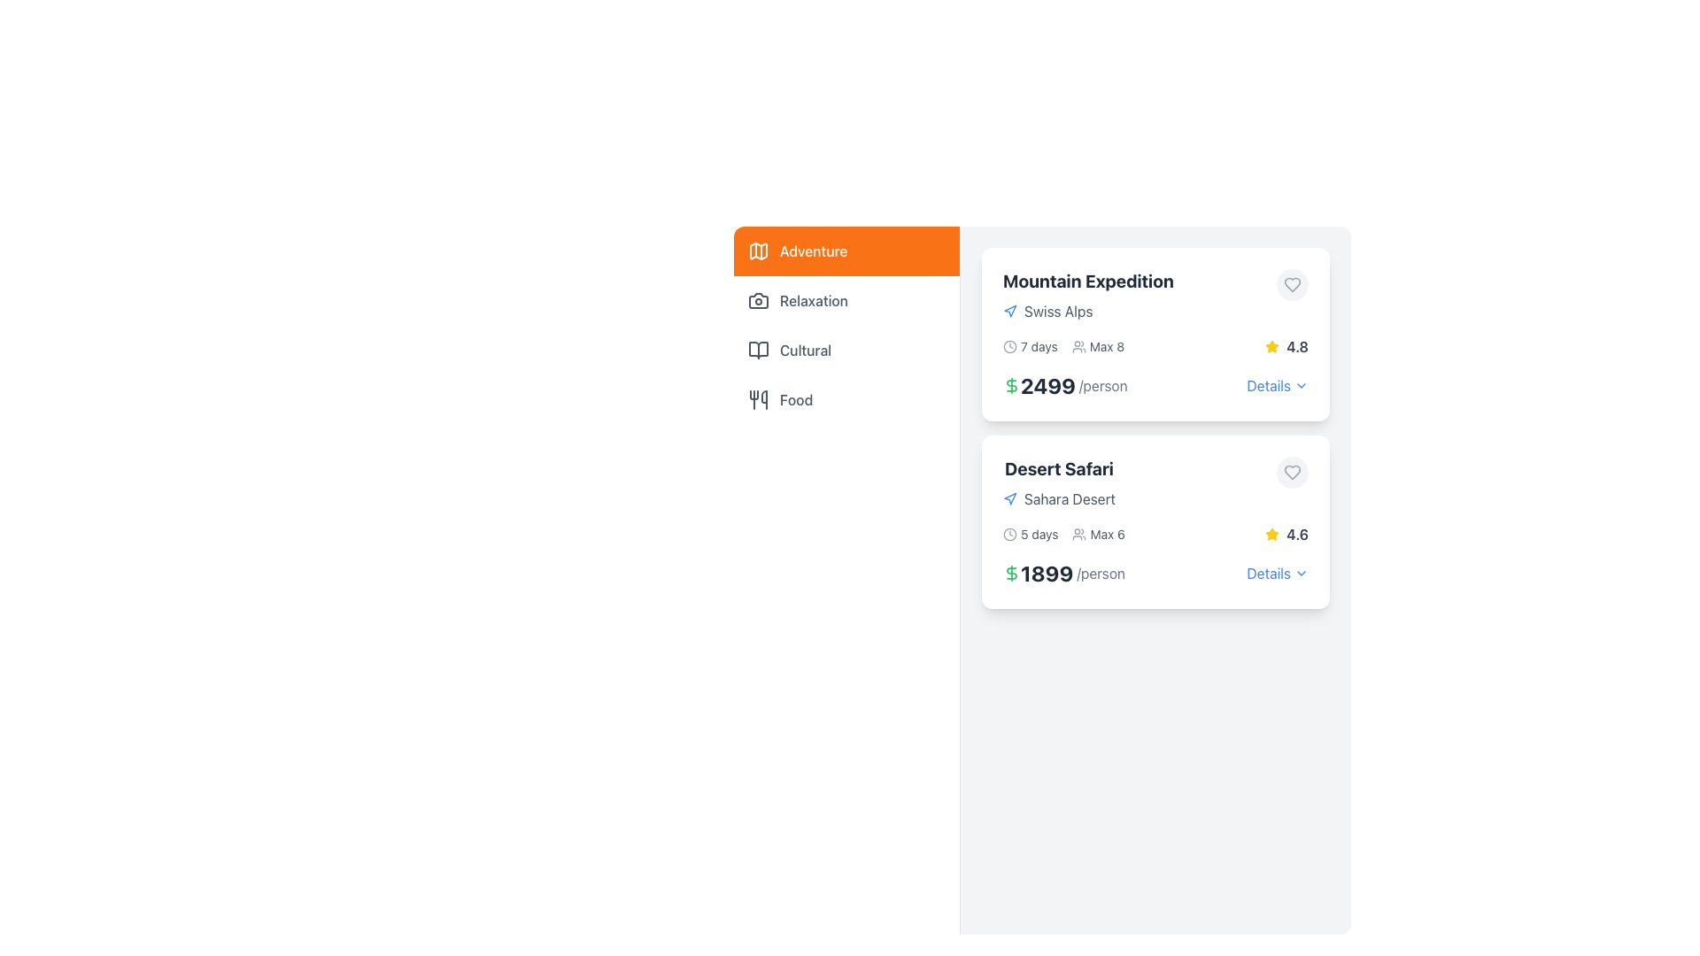 The height and width of the screenshot is (956, 1700). Describe the element at coordinates (1292, 283) in the screenshot. I see `the favorite button located in the top-right corner of the 'Mountain Expedition' card` at that location.